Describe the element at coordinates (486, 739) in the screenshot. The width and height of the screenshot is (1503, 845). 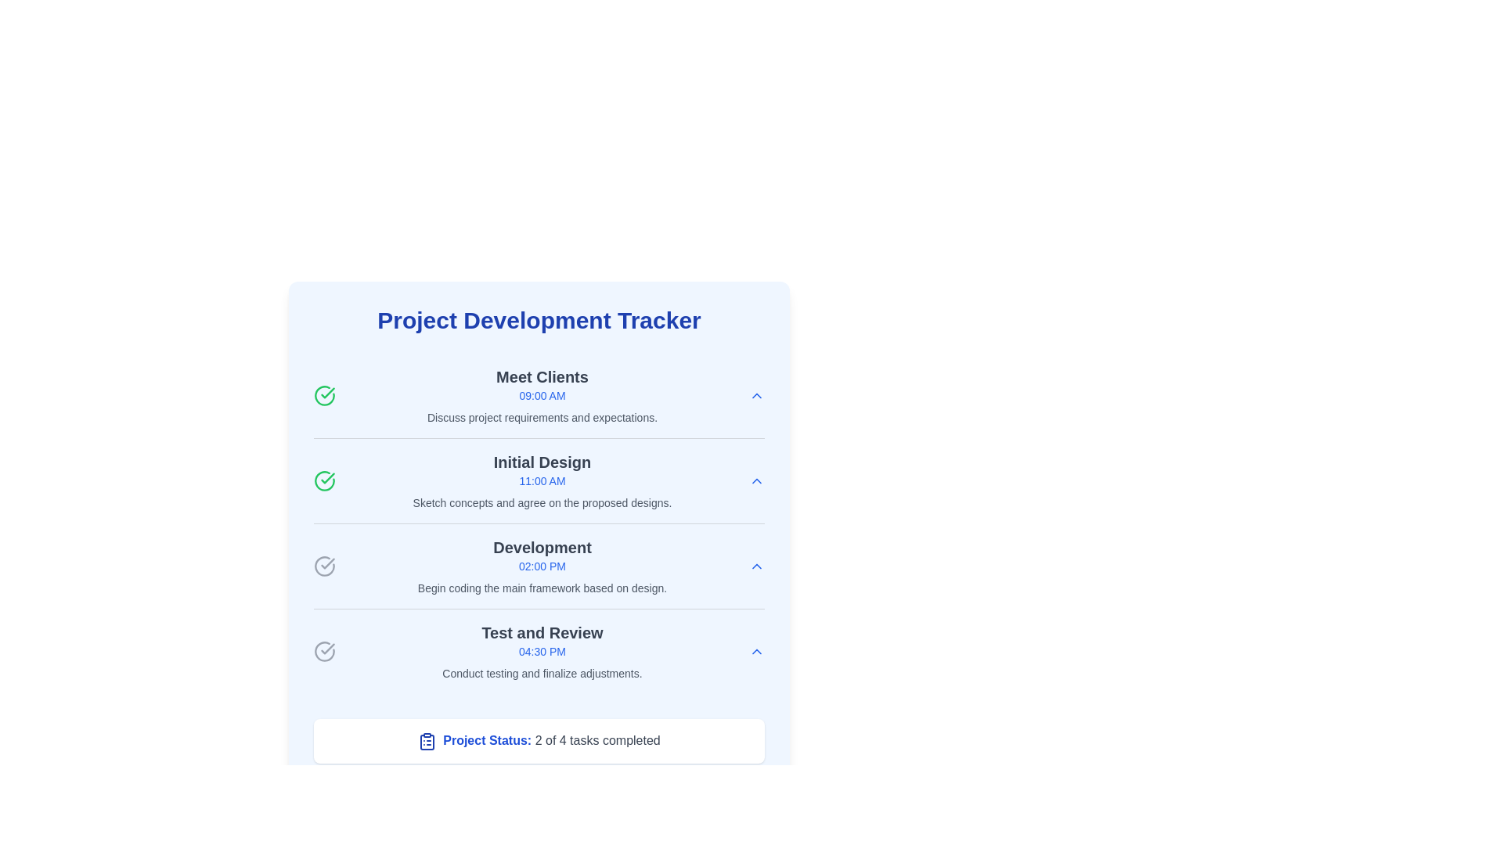
I see `the Text label that introduces the project's progress status, positioned before the text '2 of 4 tasks completed' and aligned with the clipboard icon at the bottom of the card` at that location.